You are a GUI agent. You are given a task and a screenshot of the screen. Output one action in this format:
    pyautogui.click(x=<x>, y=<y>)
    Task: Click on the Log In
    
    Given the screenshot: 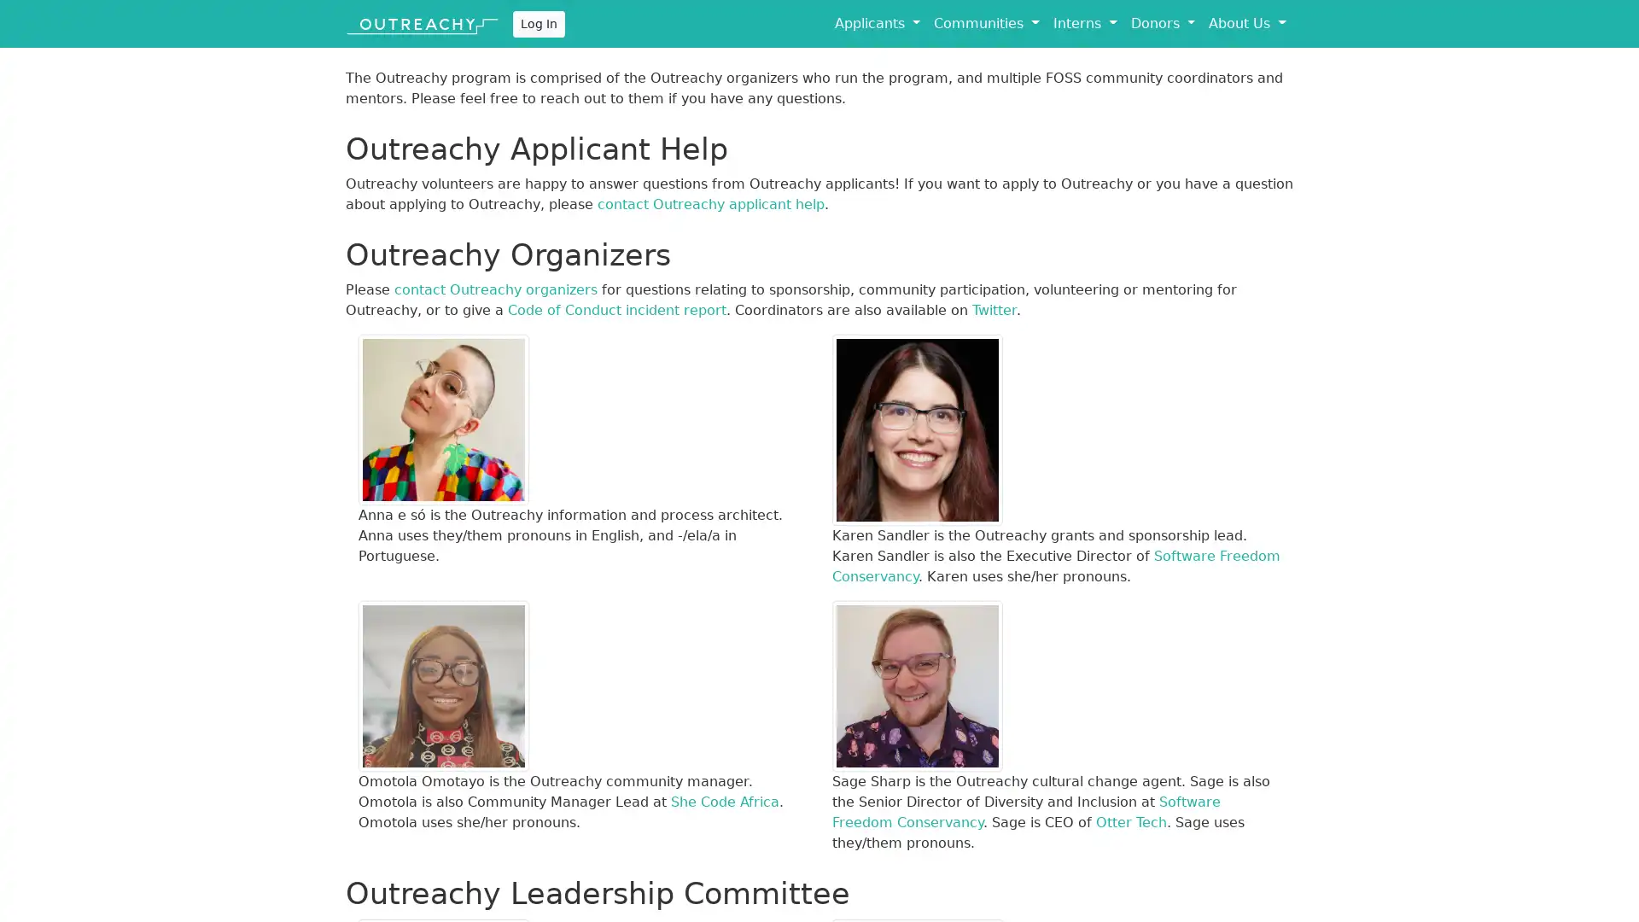 What is the action you would take?
    pyautogui.click(x=538, y=23)
    